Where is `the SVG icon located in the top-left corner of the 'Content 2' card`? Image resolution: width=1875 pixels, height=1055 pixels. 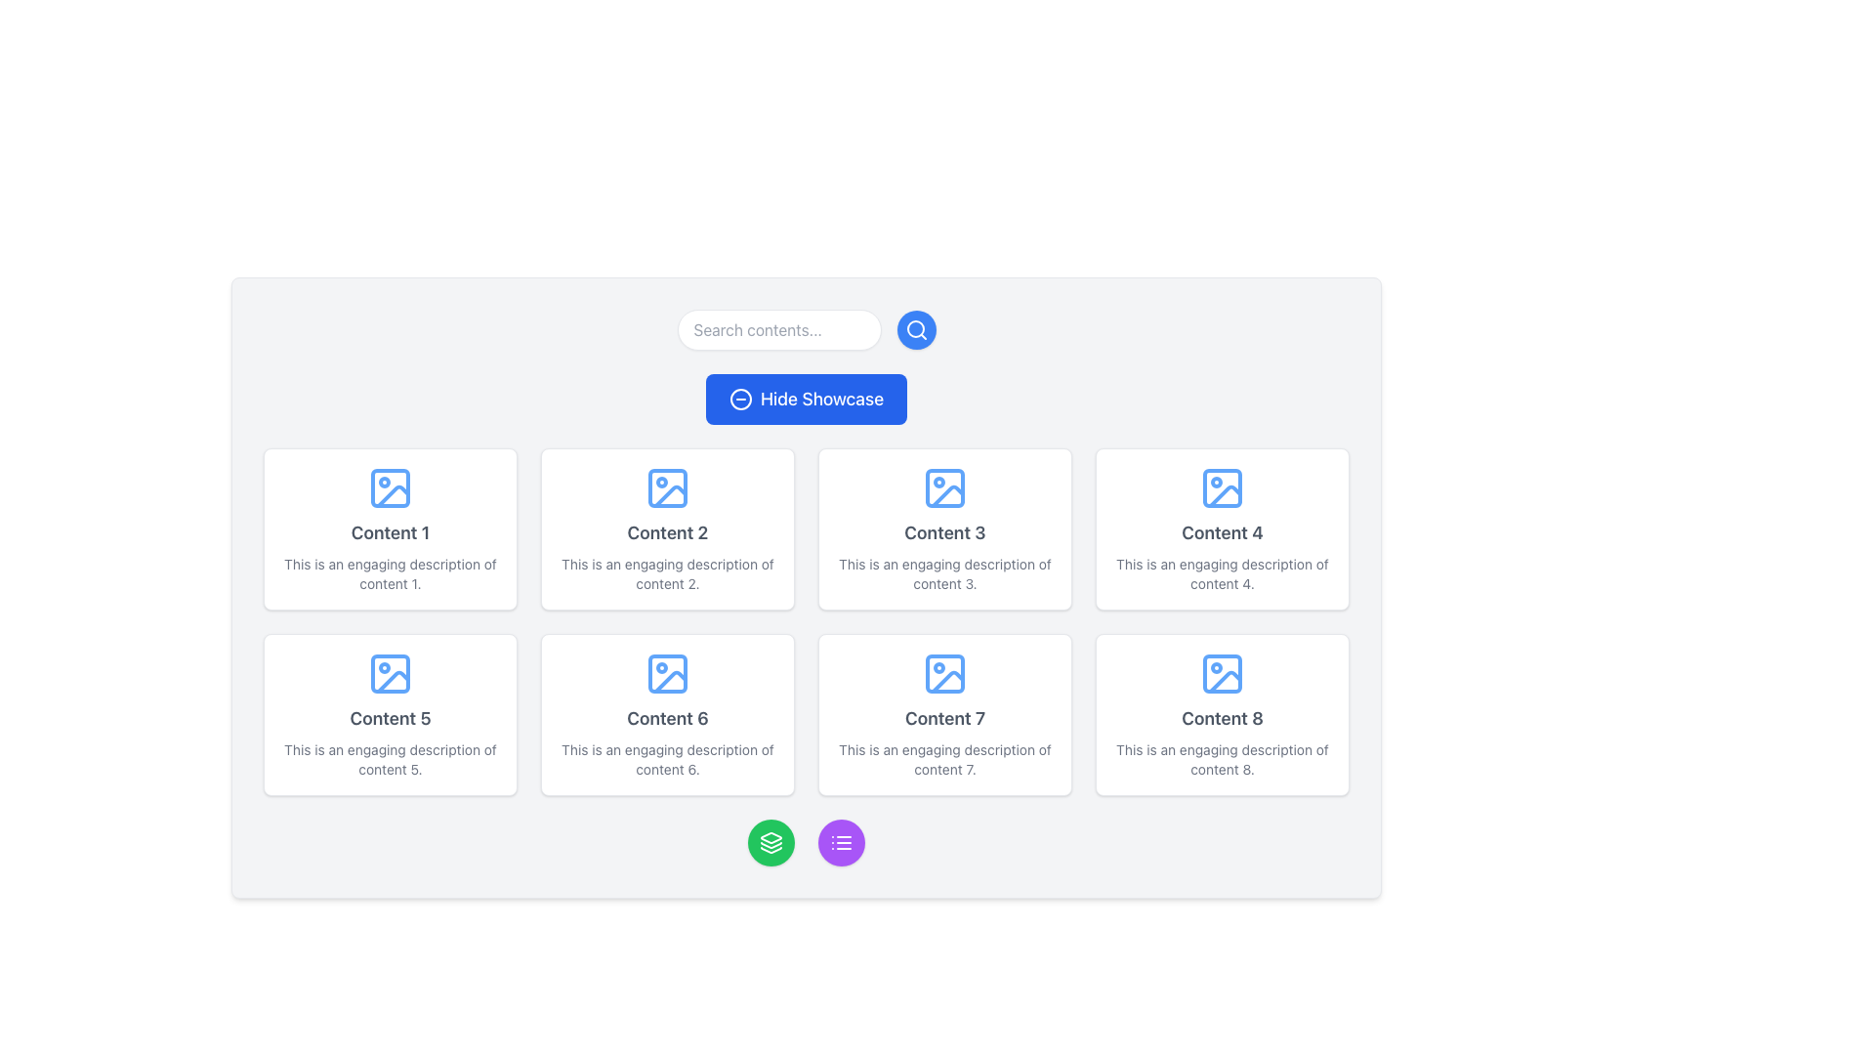 the SVG icon located in the top-left corner of the 'Content 2' card is located at coordinates (668, 487).